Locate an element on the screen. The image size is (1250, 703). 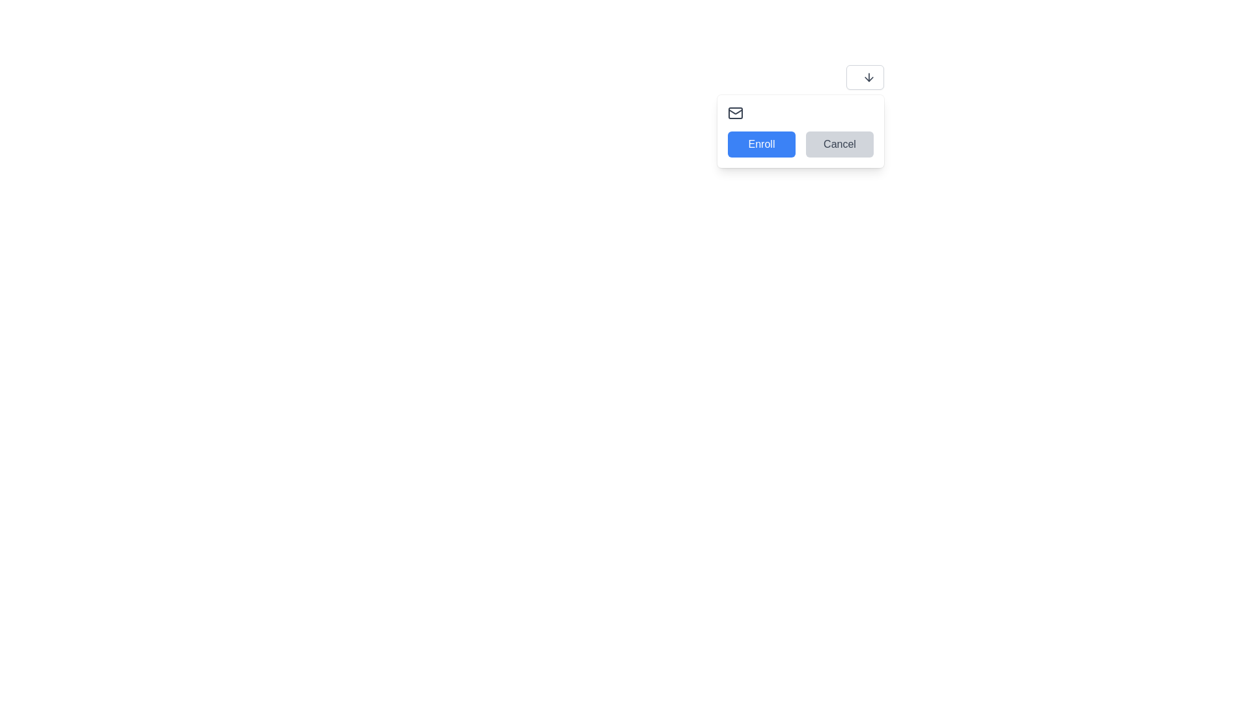
the SVG rectangle that resembles an envelope, which is part of a mail icon positioned slightly left of the center of the dialog box is located at coordinates (735, 112).